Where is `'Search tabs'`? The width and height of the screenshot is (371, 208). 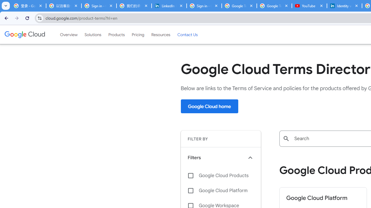 'Search tabs' is located at coordinates (6, 6).